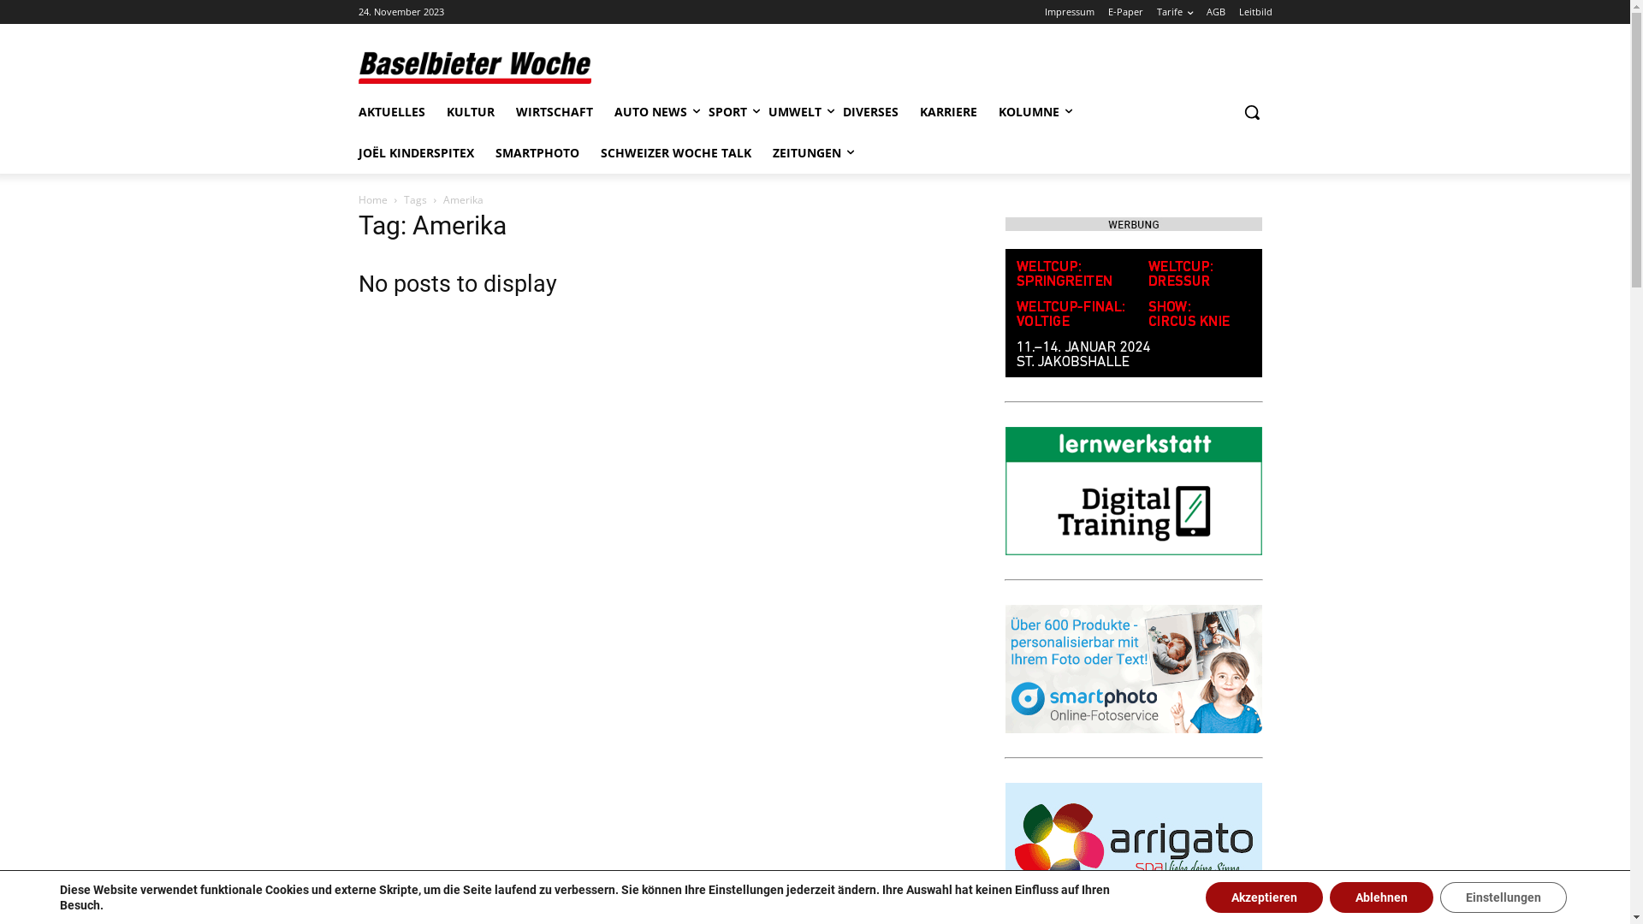 Image resolution: width=1643 pixels, height=924 pixels. What do you see at coordinates (1264, 897) in the screenshot?
I see `'Akzeptieren'` at bounding box center [1264, 897].